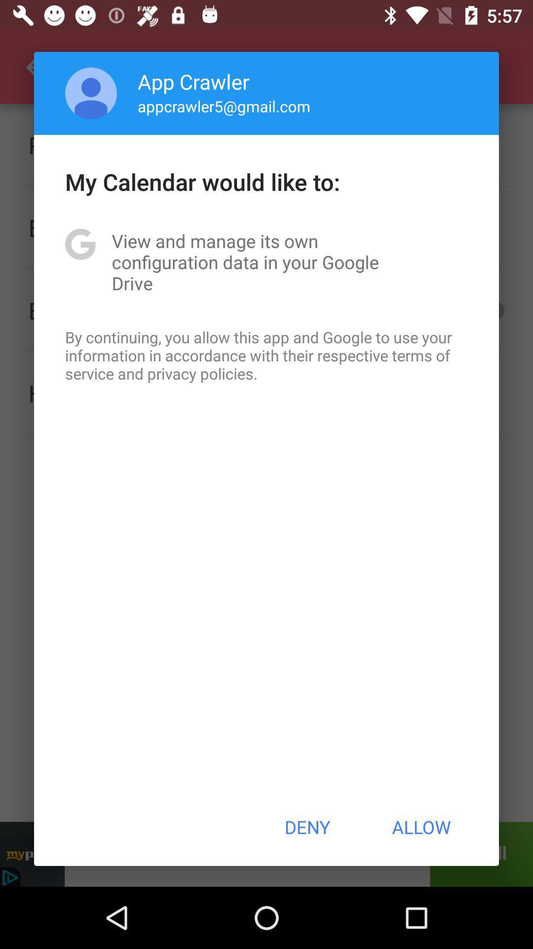 This screenshot has height=949, width=533. Describe the element at coordinates (91, 93) in the screenshot. I see `icon to the left of app crawler app` at that location.